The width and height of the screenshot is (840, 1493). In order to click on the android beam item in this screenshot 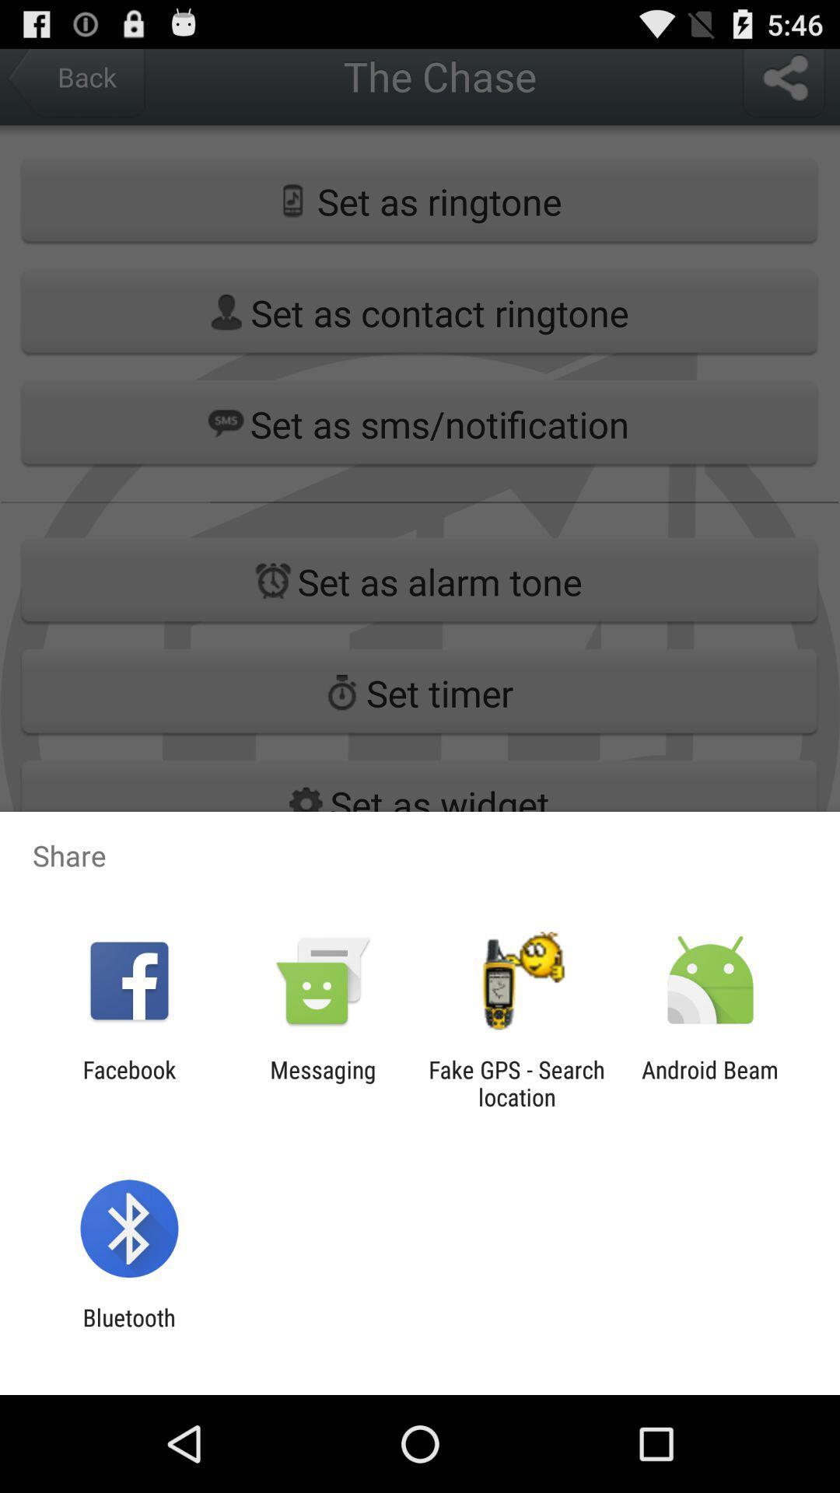, I will do `click(710, 1082)`.